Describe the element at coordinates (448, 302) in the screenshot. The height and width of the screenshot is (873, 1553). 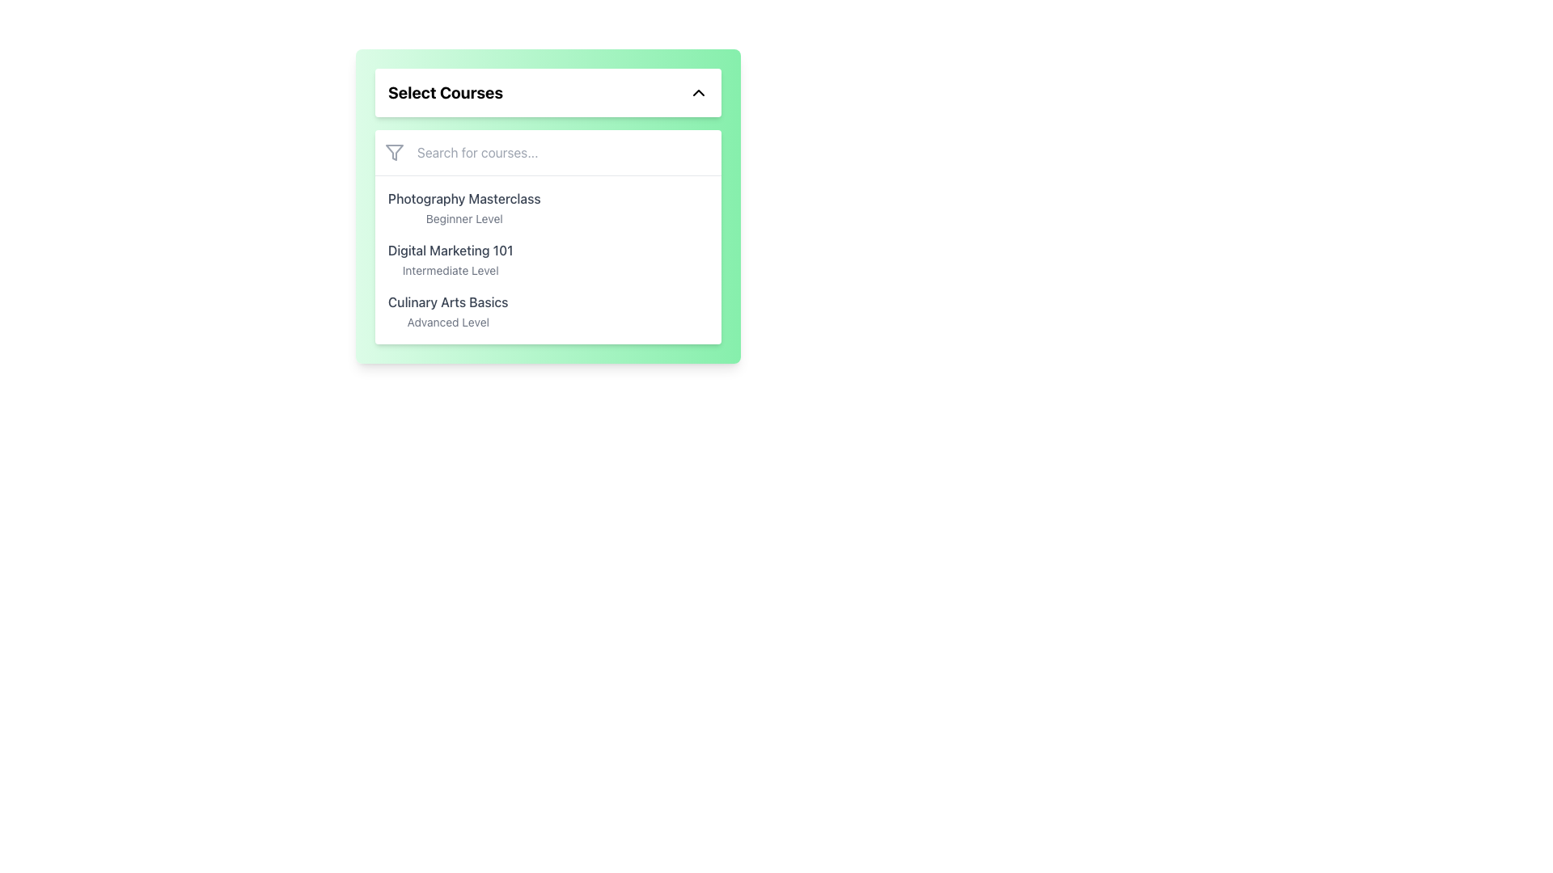
I see `the text label indicating a course option within the 'Select Courses' dropdown, which is the third item in the list between 'Digital Marketing 101' and 'Advanced Level'` at that location.